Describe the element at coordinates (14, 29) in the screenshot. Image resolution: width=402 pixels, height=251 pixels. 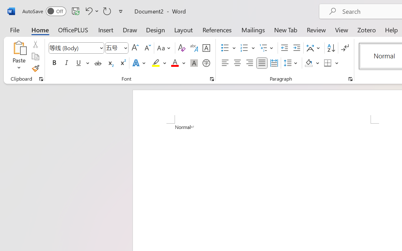
I see `'File Tab'` at that location.